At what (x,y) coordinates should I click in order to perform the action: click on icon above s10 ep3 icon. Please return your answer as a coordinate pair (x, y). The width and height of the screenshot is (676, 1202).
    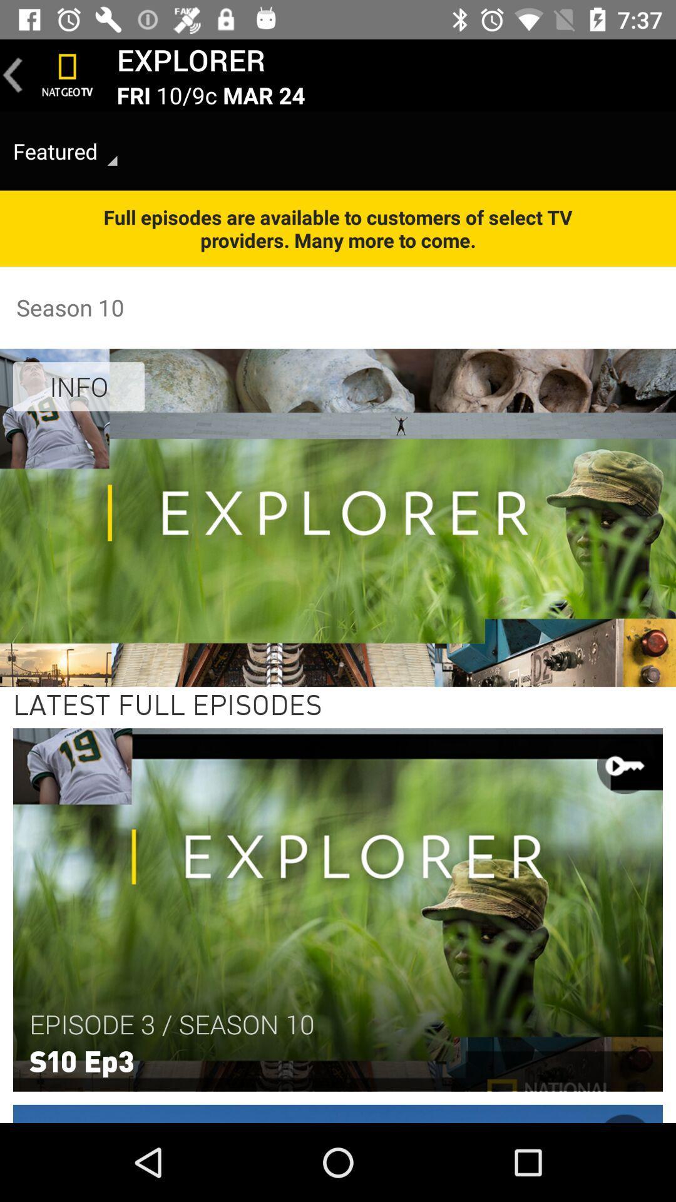
    Looking at the image, I should click on (172, 1024).